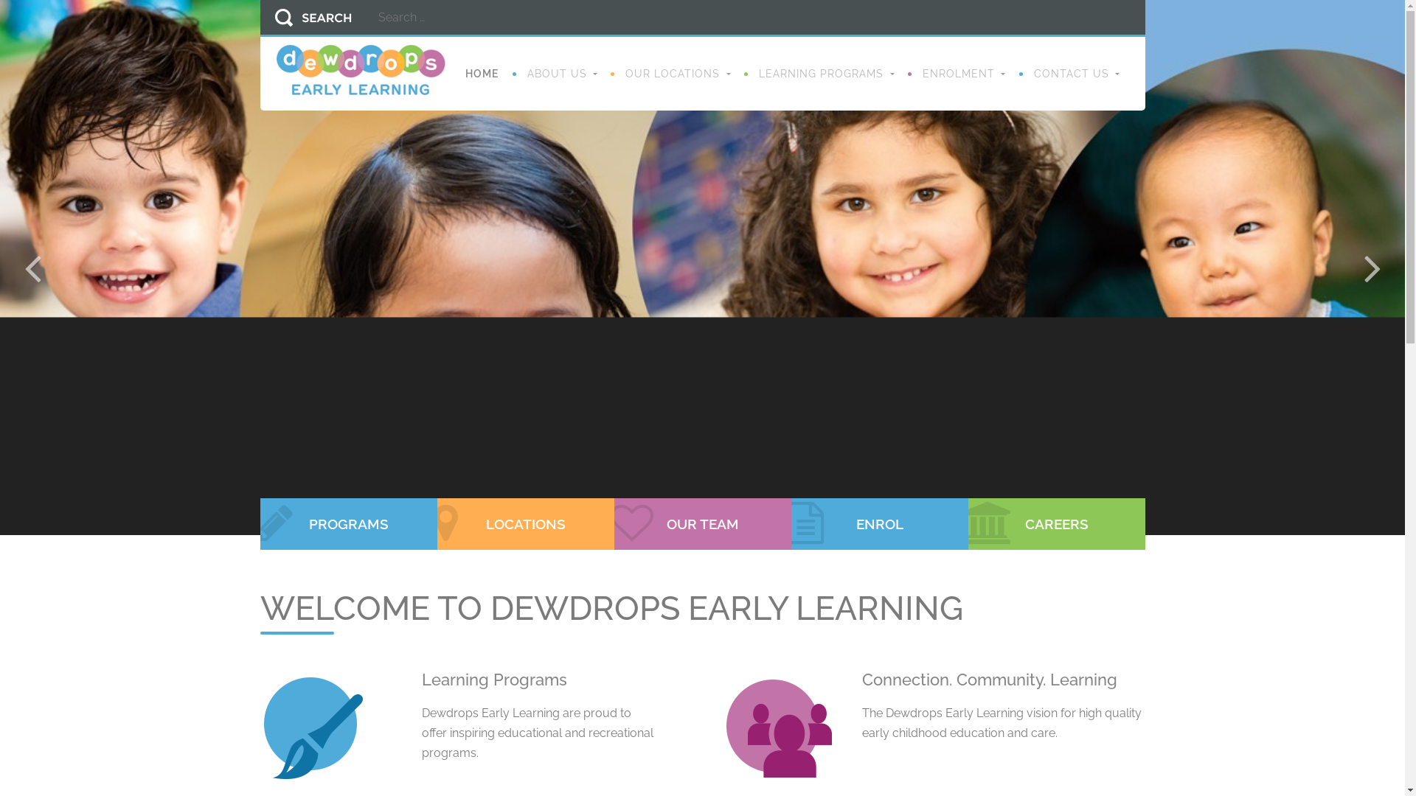 The width and height of the screenshot is (1416, 796). I want to click on 'OUR LOCATIONS', so click(676, 74).